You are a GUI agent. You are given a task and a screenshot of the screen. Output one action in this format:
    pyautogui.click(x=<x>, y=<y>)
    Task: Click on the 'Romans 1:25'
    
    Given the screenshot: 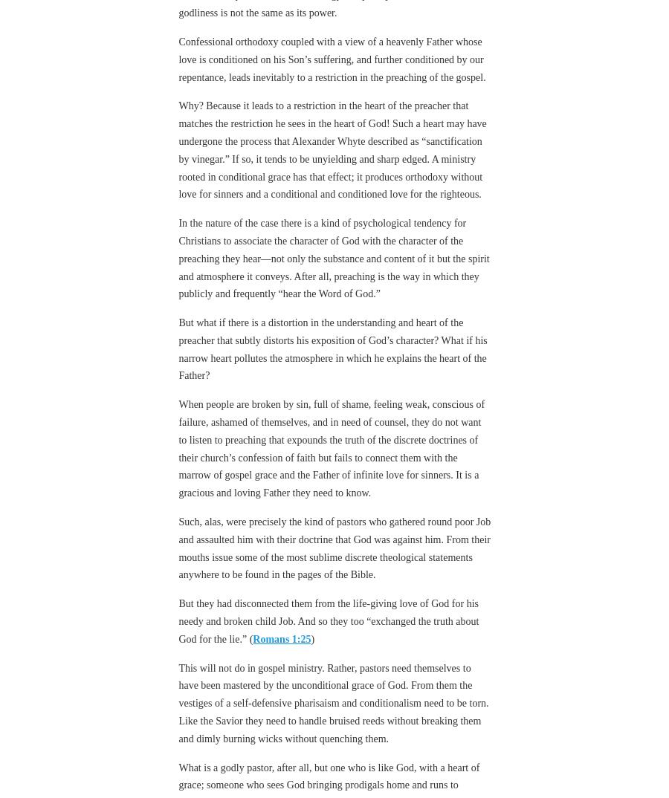 What is the action you would take?
    pyautogui.click(x=281, y=597)
    